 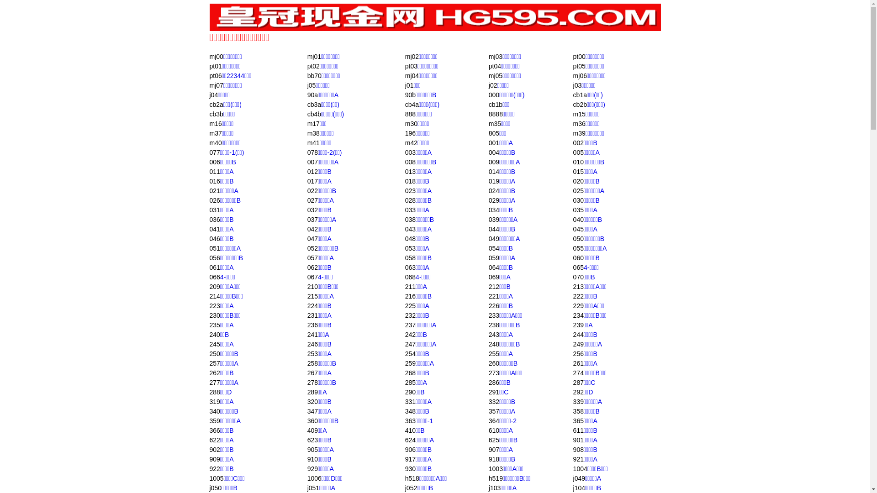 I want to click on 'cb2a', so click(x=216, y=104).